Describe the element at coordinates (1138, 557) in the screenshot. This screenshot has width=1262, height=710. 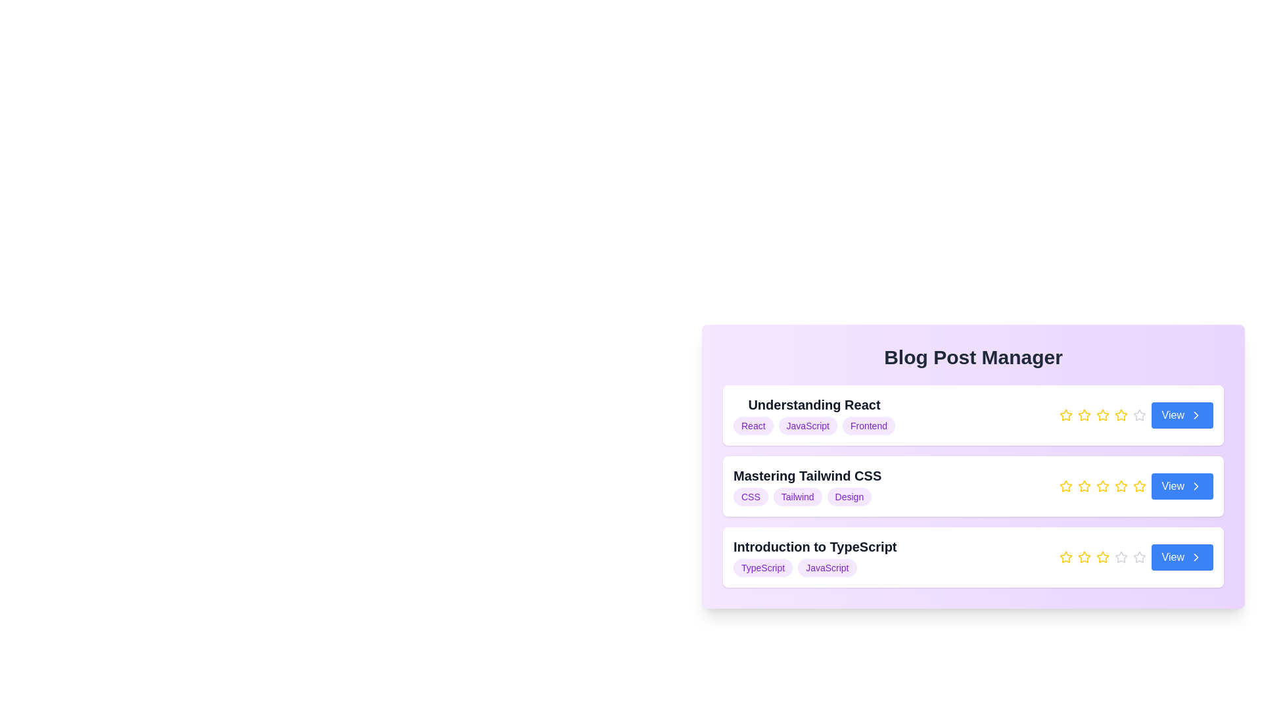
I see `the fourth star icon in the interactive rating system for the 'Introduction to TypeScript' post` at that location.